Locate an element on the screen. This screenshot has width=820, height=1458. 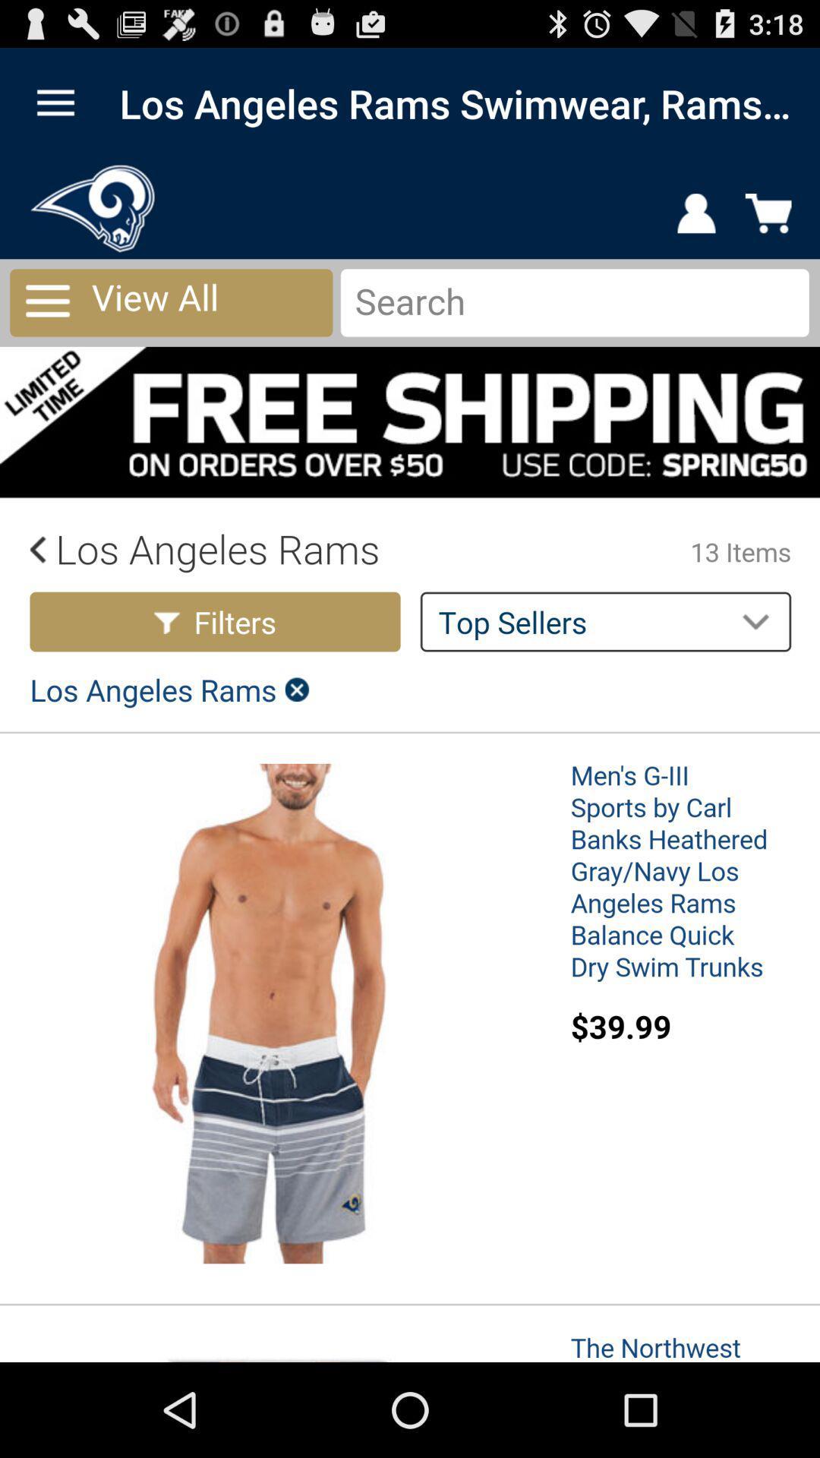
open main menu is located at coordinates (55, 103).